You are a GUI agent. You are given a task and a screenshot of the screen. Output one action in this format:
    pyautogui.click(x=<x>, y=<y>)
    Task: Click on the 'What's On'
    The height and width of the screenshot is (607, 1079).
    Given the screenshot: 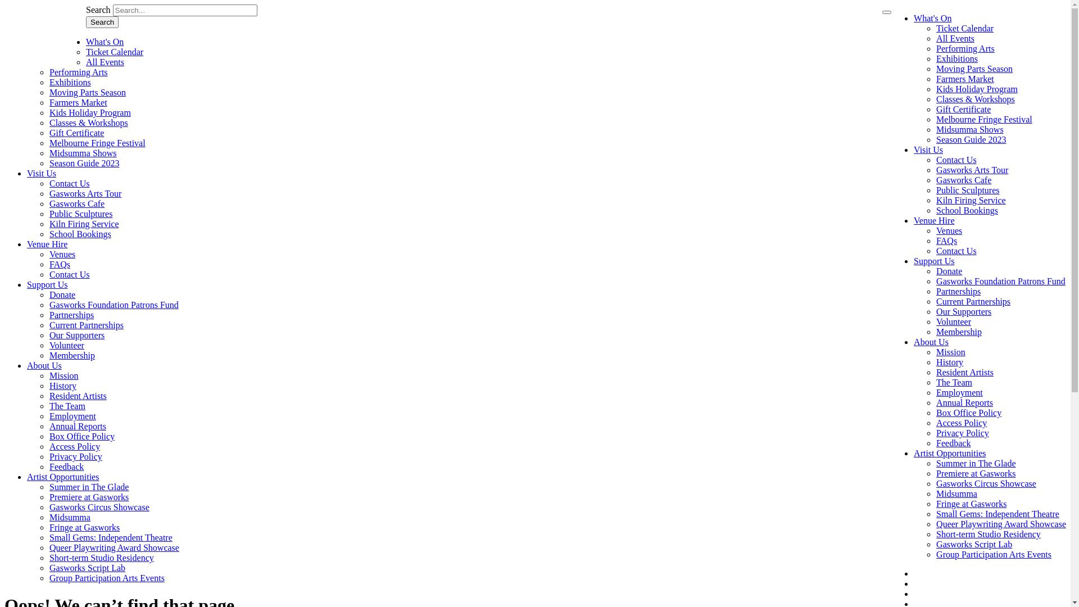 What is the action you would take?
    pyautogui.click(x=105, y=41)
    